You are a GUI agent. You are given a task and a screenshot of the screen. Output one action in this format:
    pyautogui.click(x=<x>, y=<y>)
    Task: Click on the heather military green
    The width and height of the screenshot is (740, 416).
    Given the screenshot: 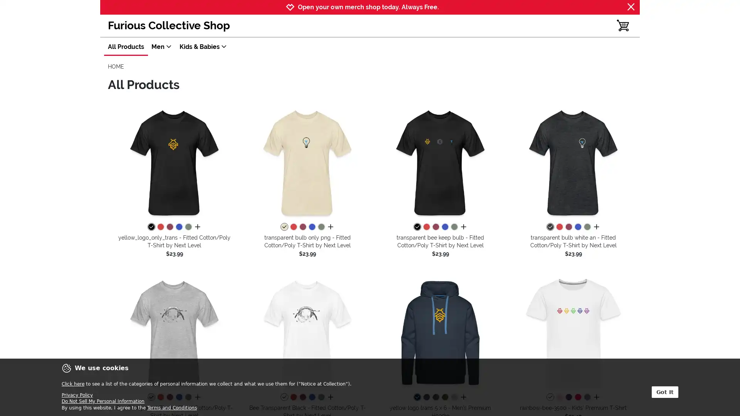 What is the action you would take?
    pyautogui.click(x=321, y=398)
    